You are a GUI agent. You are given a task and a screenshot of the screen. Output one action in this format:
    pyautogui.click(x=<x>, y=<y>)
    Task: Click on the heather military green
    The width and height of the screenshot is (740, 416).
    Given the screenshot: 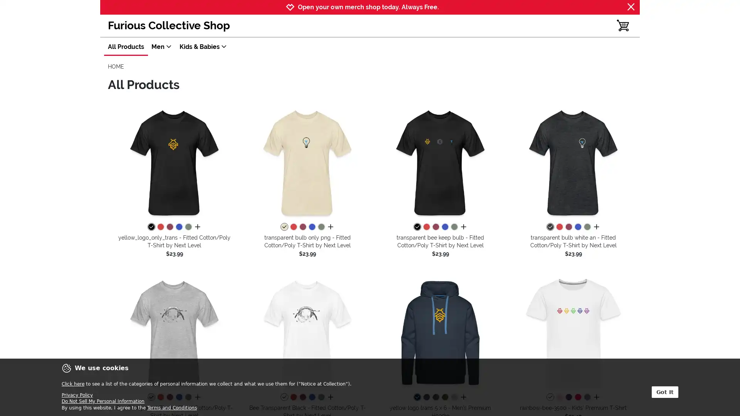 What is the action you would take?
    pyautogui.click(x=321, y=398)
    